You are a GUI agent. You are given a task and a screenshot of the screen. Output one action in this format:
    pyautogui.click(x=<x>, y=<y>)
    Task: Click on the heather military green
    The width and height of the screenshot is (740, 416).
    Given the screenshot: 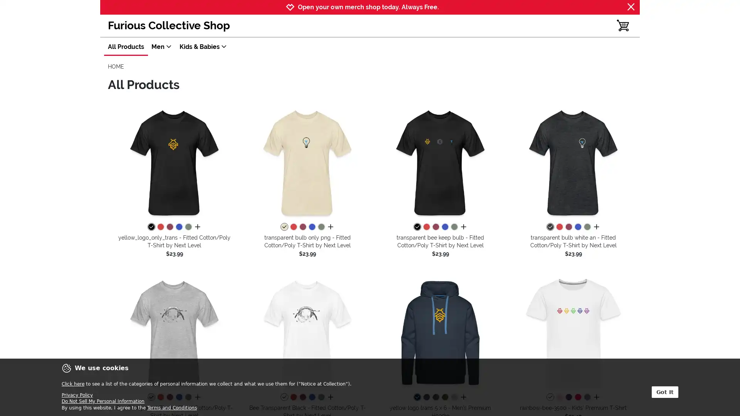 What is the action you would take?
    pyautogui.click(x=321, y=398)
    